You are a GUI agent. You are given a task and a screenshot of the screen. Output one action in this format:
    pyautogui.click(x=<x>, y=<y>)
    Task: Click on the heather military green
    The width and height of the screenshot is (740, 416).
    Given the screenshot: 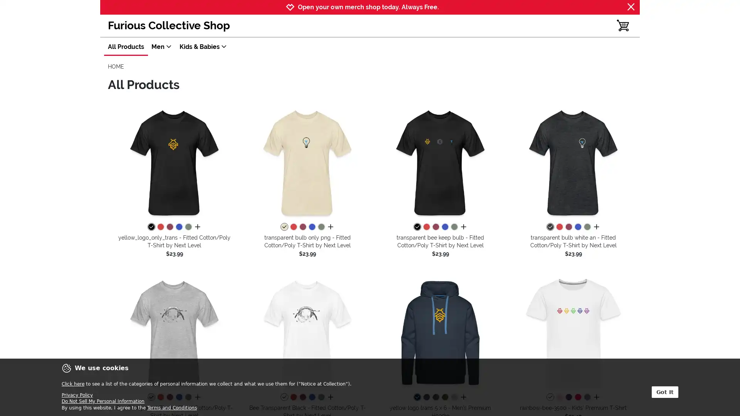 What is the action you would take?
    pyautogui.click(x=321, y=398)
    